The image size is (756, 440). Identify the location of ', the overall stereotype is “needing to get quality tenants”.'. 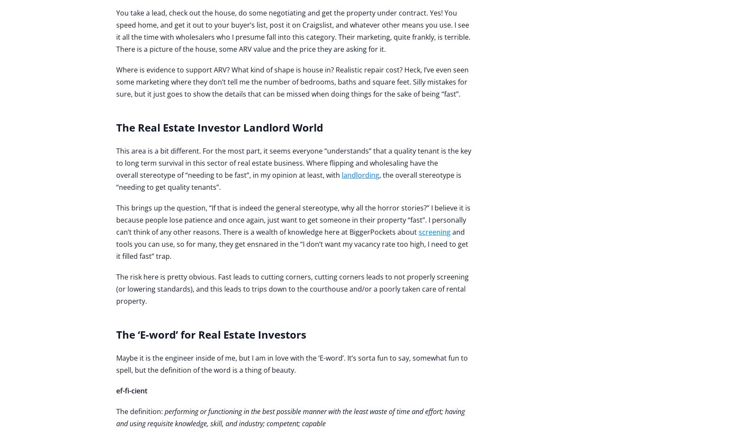
(115, 181).